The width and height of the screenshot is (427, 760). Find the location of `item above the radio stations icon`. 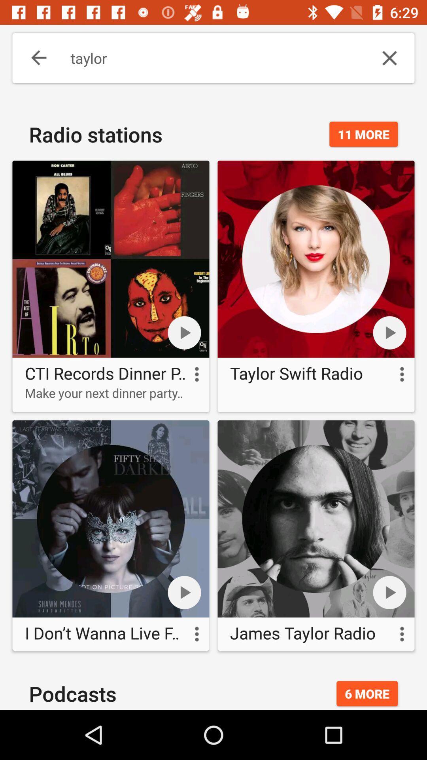

item above the radio stations icon is located at coordinates (33, 58).